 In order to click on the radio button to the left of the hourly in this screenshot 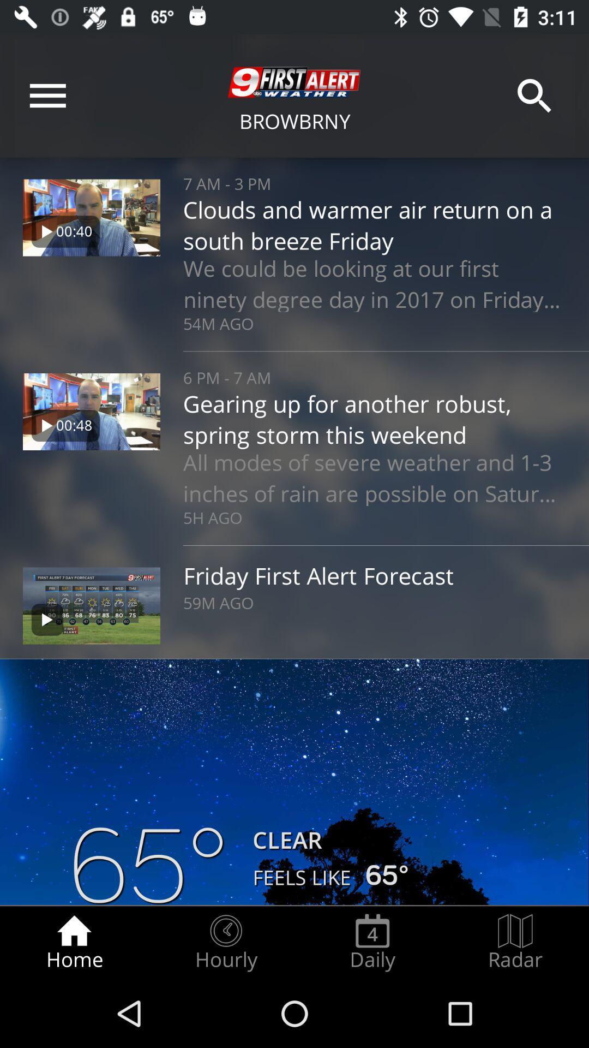, I will do `click(74, 942)`.